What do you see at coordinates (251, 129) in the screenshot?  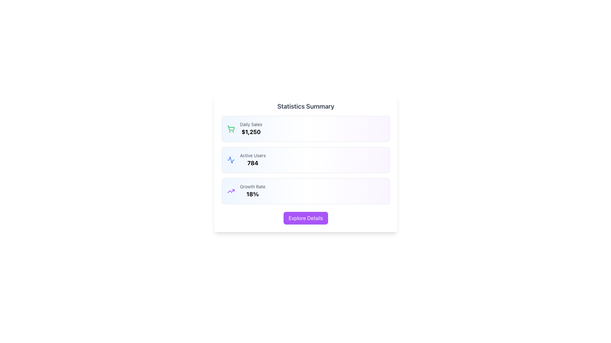 I see `the Statistical information display field that shows 'Daily Sales' and the monetary value '$1,250', located in the first box of the statistical summary section` at bounding box center [251, 129].